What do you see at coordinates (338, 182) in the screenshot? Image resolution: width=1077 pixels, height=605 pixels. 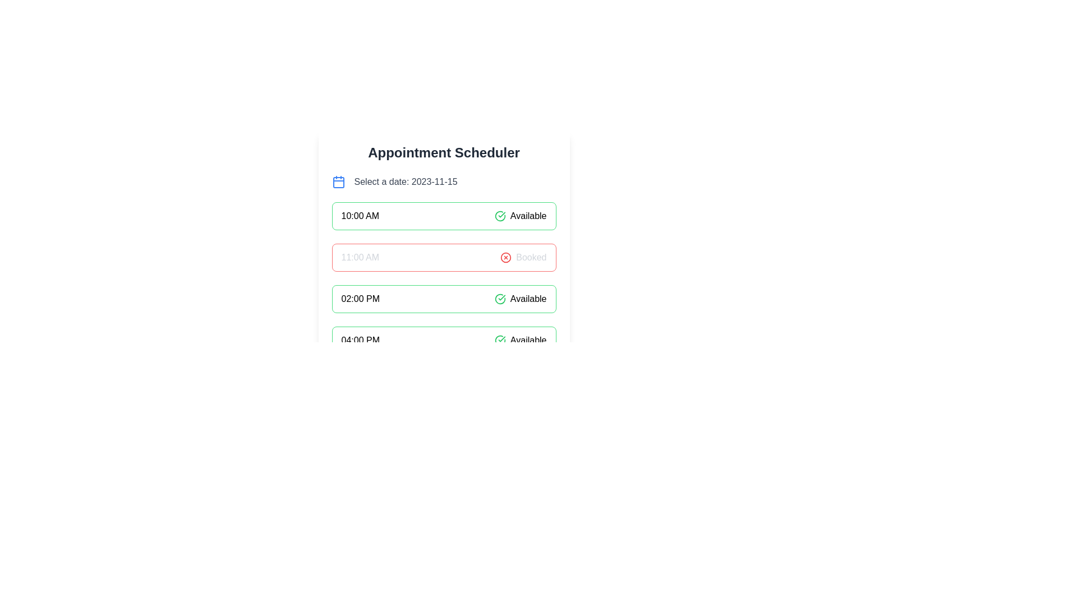 I see `the calendar icon, which is represented by a small rectangular shape with rounded corners` at bounding box center [338, 182].